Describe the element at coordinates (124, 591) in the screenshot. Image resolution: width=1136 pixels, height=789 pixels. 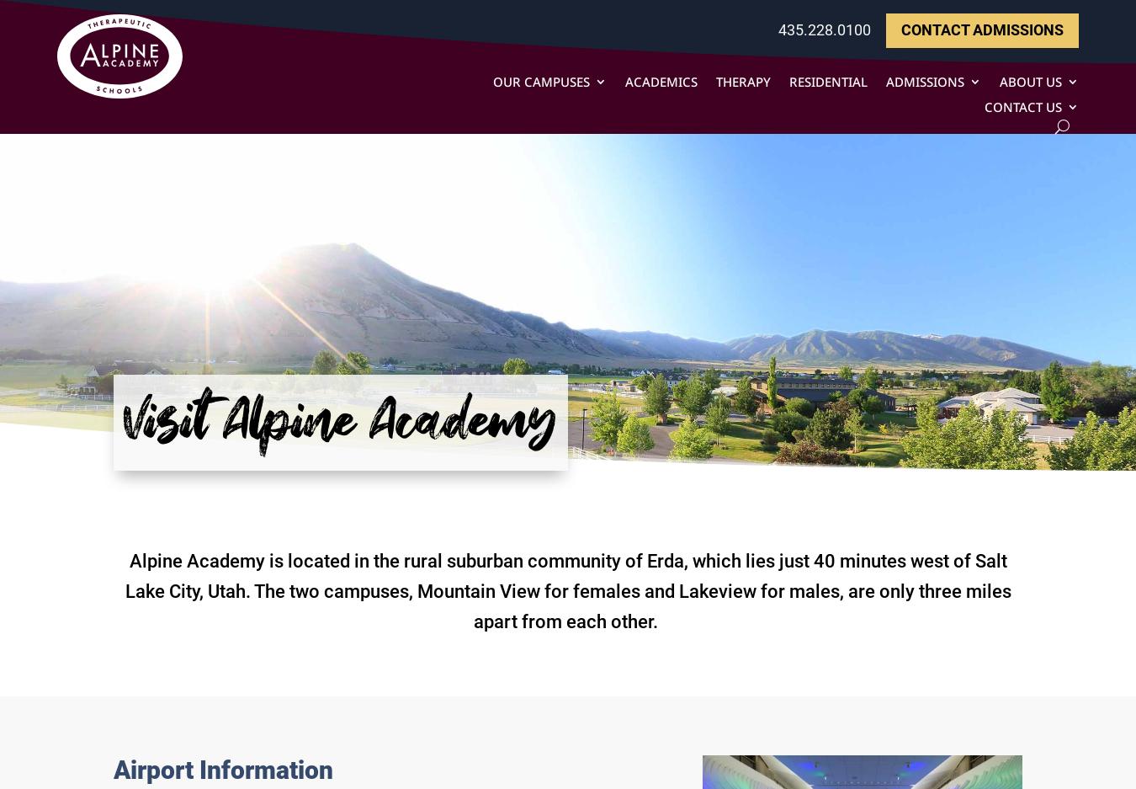
I see `'Alpine Academy is located in the rural suburban community of Erda, which lies just 40 minutes west of Salt Lake City, Utah. The two campuses, Mountain View for females and Lakeview for males, are only three miles apart from each other.'` at that location.